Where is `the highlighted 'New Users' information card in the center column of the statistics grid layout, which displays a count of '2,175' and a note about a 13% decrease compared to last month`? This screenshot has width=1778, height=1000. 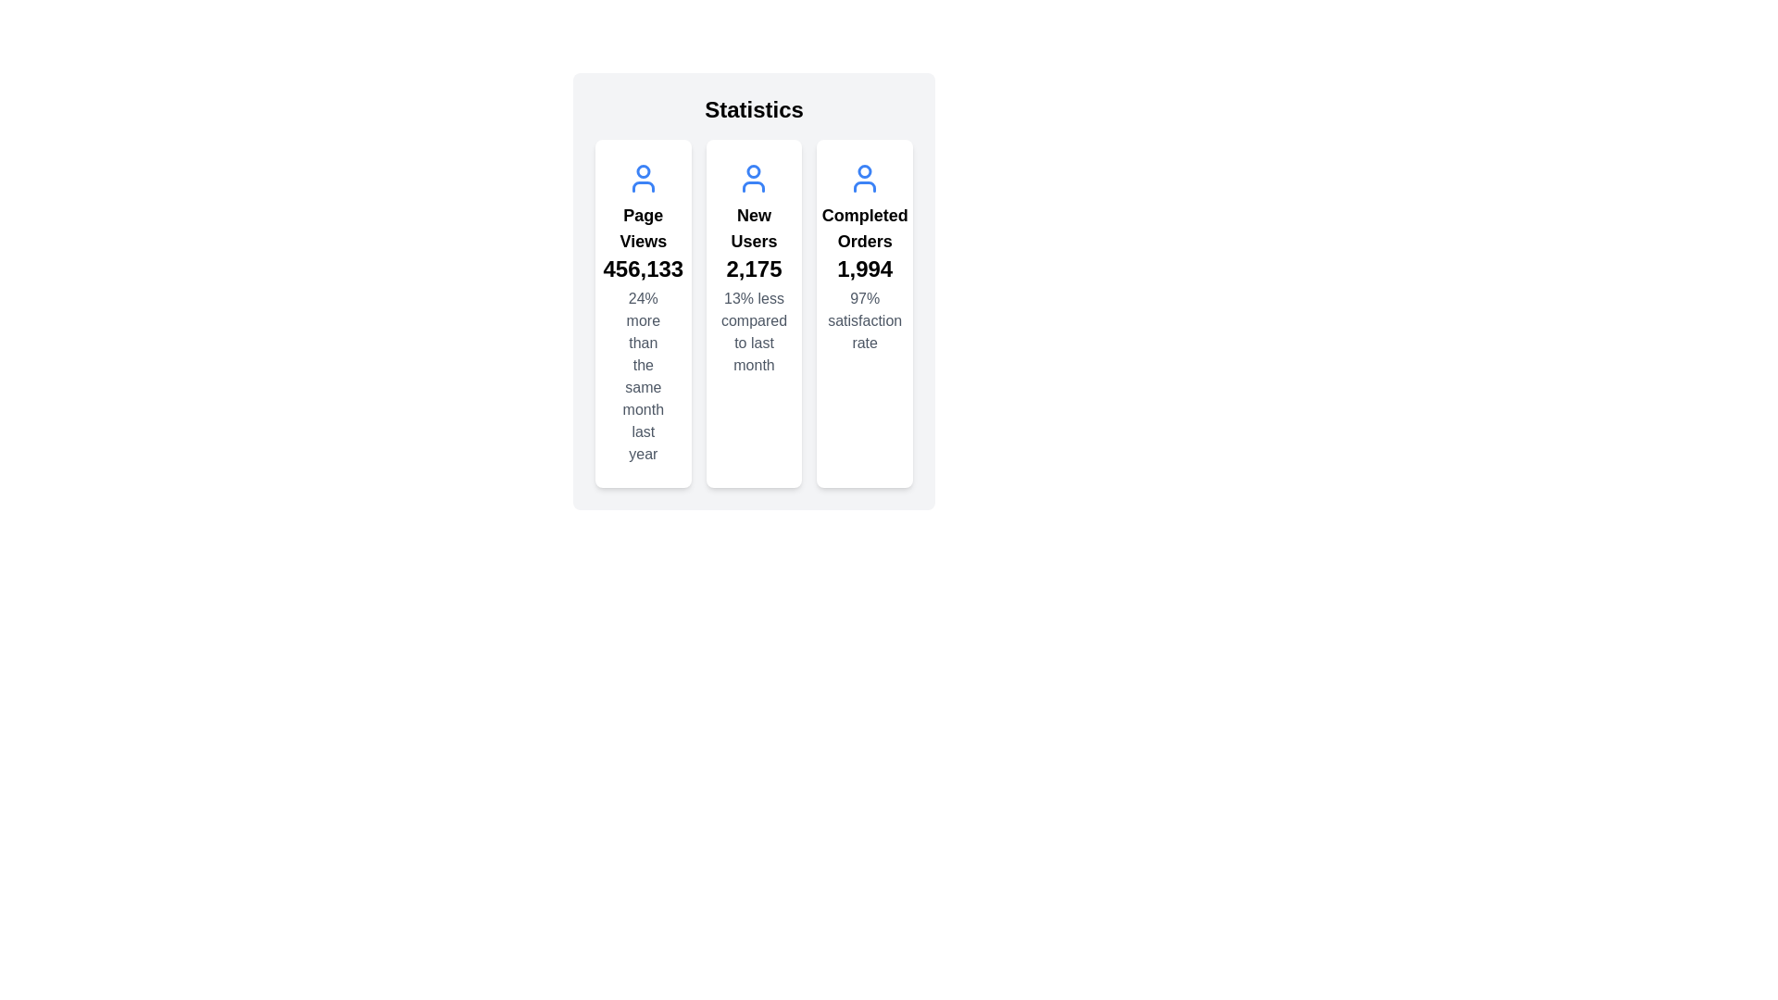 the highlighted 'New Users' information card in the center column of the statistics grid layout, which displays a count of '2,175' and a note about a 13% decrease compared to last month is located at coordinates (754, 313).